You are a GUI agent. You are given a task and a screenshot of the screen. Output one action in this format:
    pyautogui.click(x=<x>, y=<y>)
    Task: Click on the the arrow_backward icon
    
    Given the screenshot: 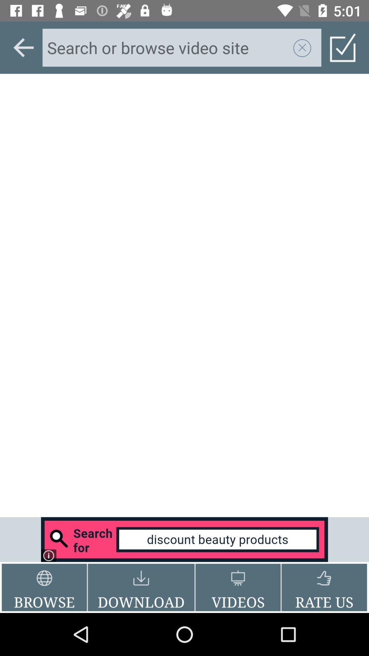 What is the action you would take?
    pyautogui.click(x=23, y=47)
    